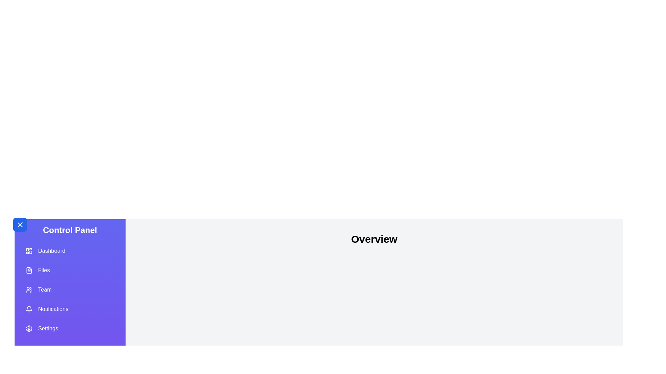  I want to click on the menu item labeled Team from the list, so click(70, 290).